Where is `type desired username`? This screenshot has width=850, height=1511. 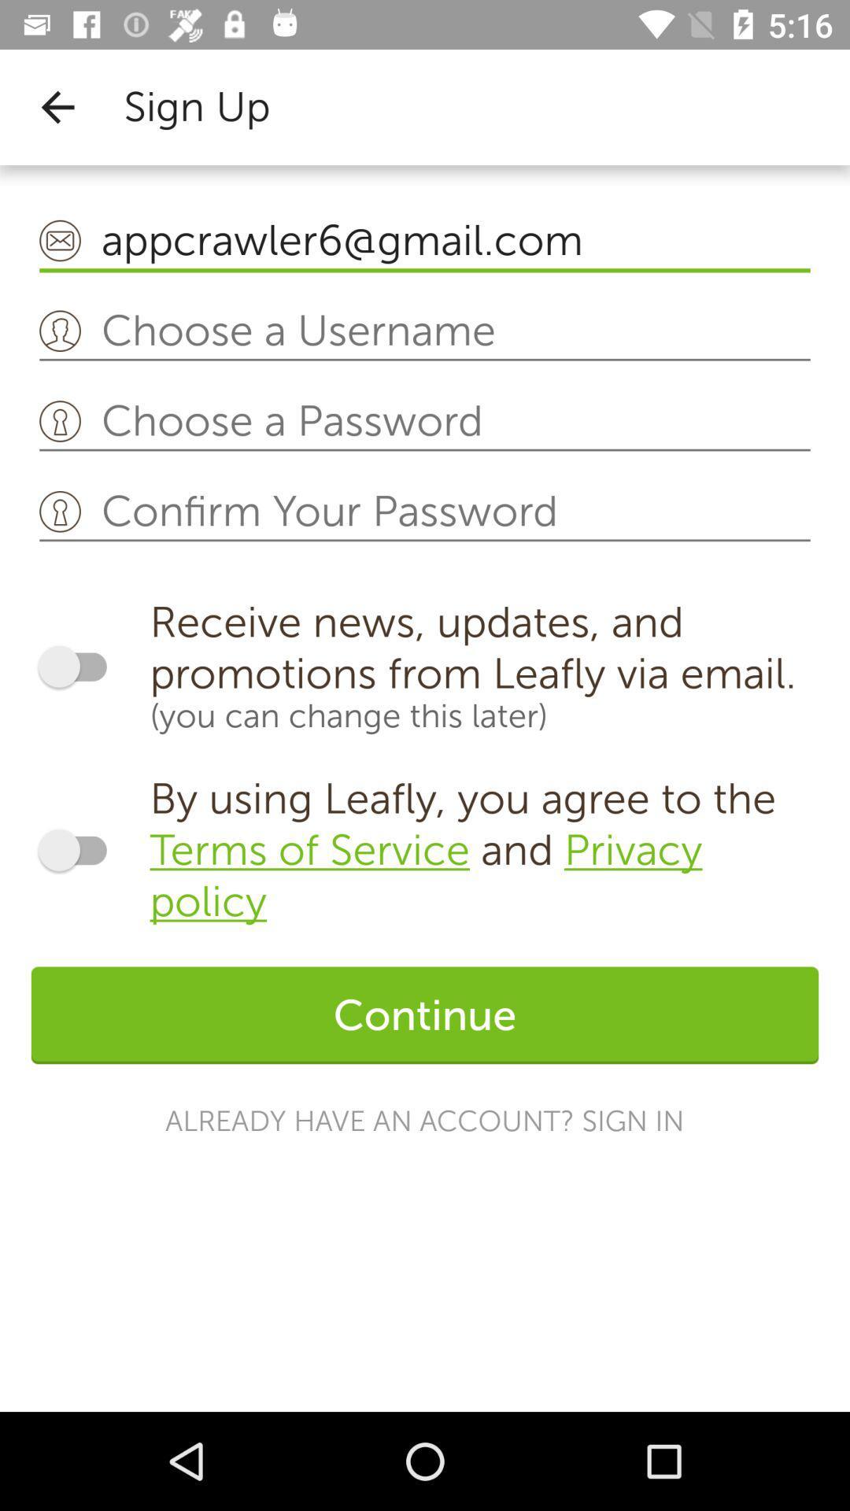 type desired username is located at coordinates (425, 331).